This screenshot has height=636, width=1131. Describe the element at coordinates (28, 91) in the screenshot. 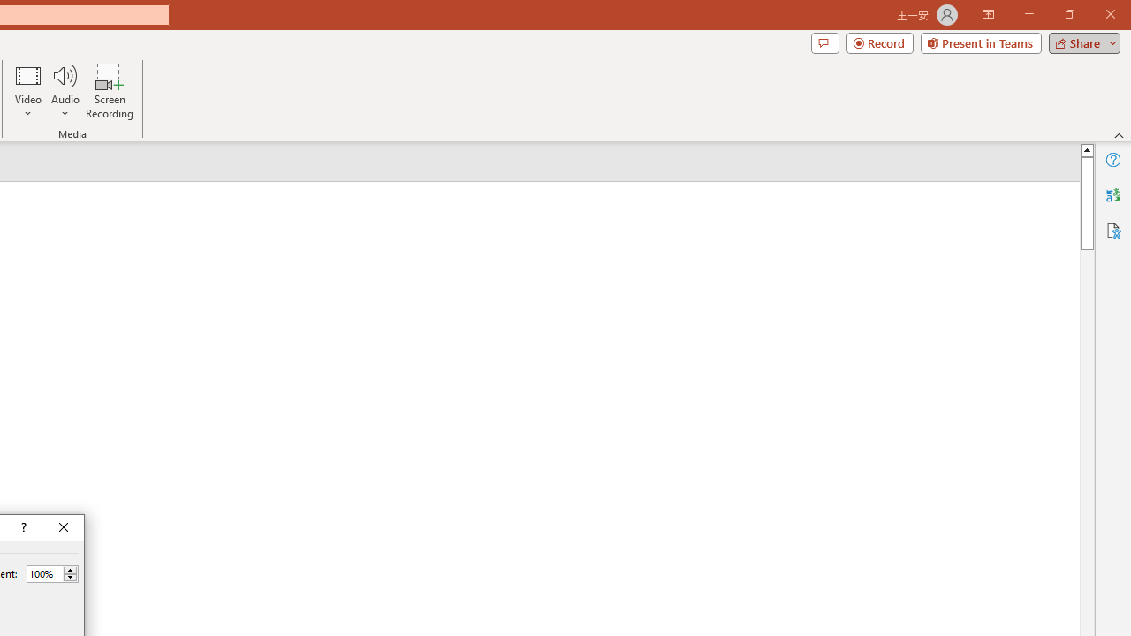

I see `'Video'` at that location.